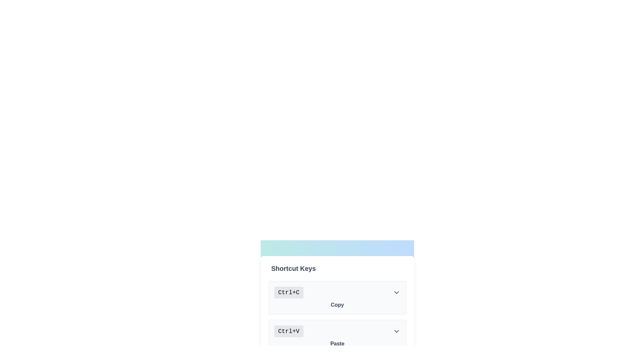  Describe the element at coordinates (293, 269) in the screenshot. I see `the text label that identifies the content of the section detailing shortcut key functionalities, which is prominently positioned near the top of the visible content section` at that location.